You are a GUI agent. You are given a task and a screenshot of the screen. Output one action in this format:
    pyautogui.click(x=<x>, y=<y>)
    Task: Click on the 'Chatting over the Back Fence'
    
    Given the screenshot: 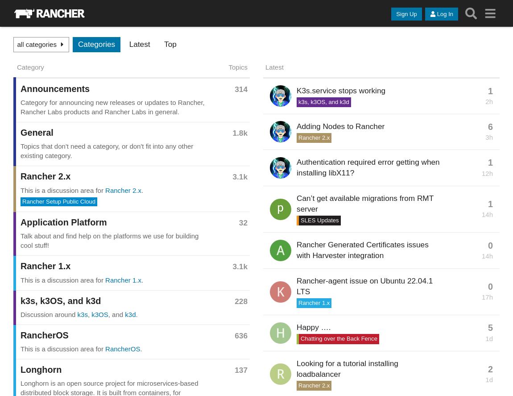 What is the action you would take?
    pyautogui.click(x=338, y=338)
    